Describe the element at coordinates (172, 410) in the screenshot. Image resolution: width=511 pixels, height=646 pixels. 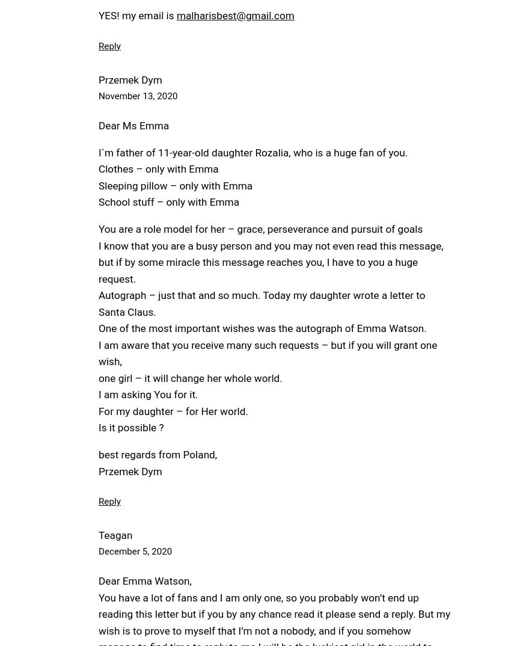
I see `'For my daughter – for Her world.'` at that location.